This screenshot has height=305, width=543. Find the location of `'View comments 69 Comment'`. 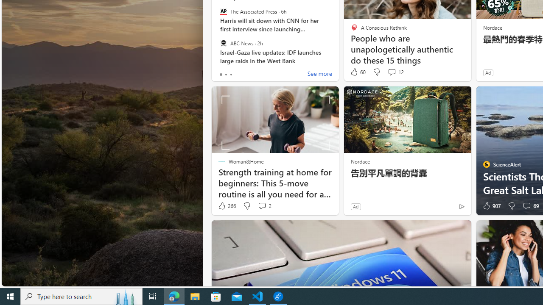

'View comments 69 Comment' is located at coordinates (529, 206).